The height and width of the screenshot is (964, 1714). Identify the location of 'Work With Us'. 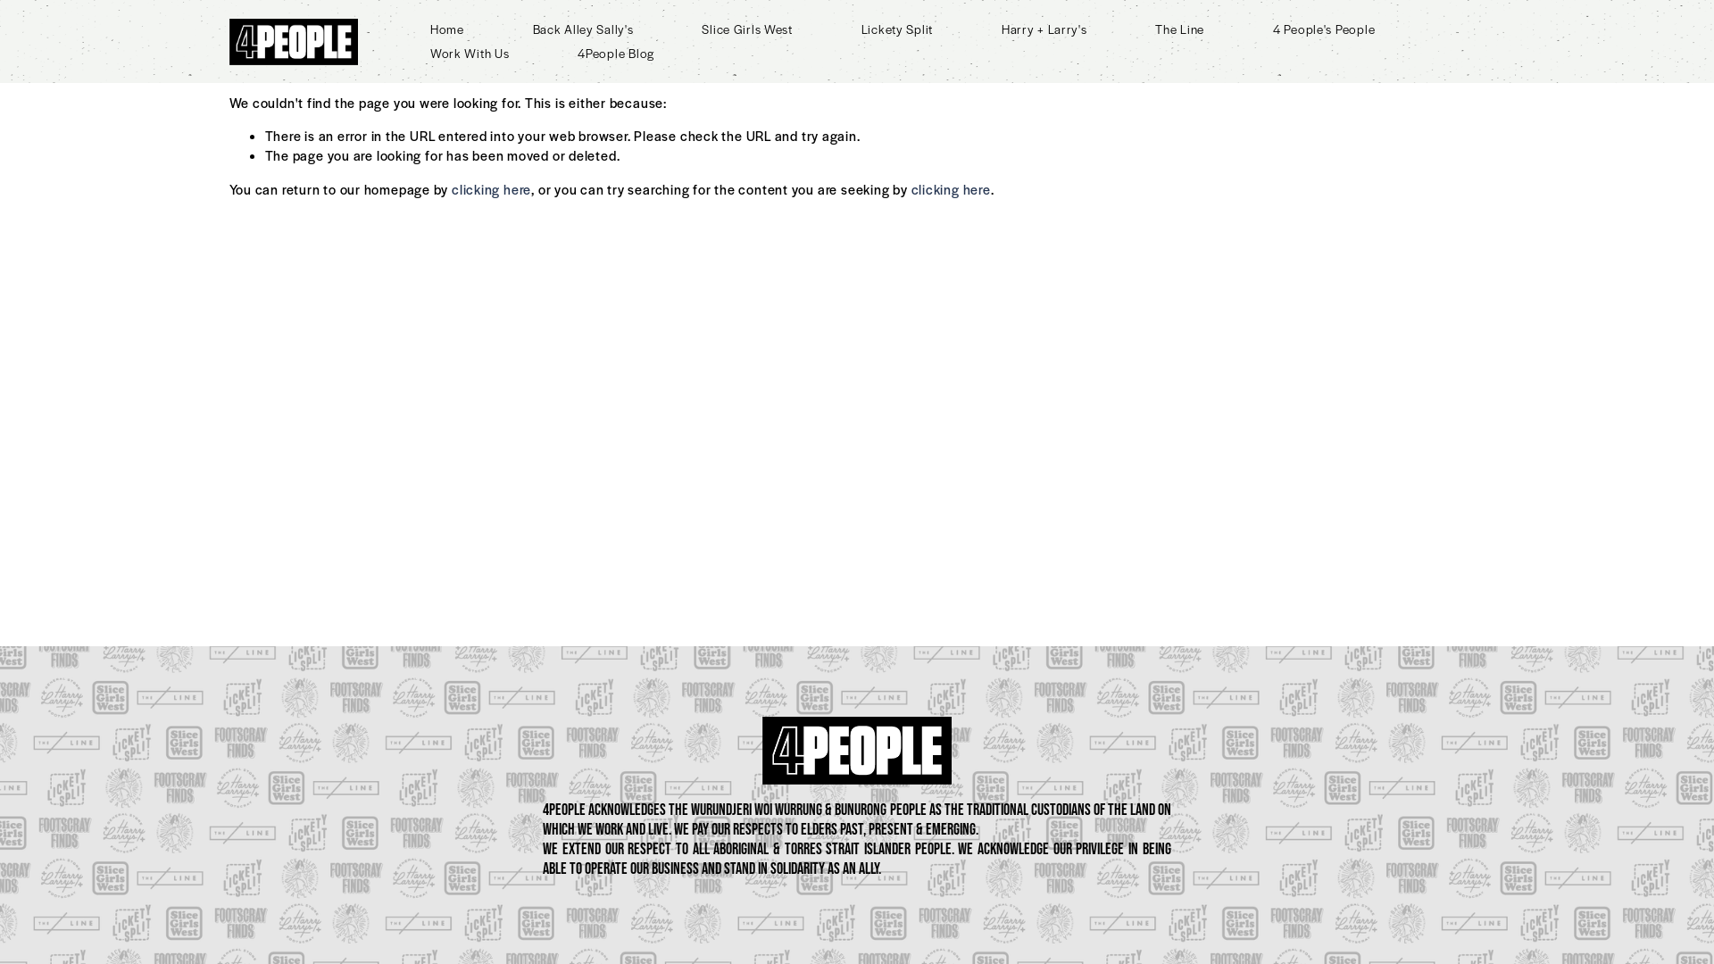
(470, 53).